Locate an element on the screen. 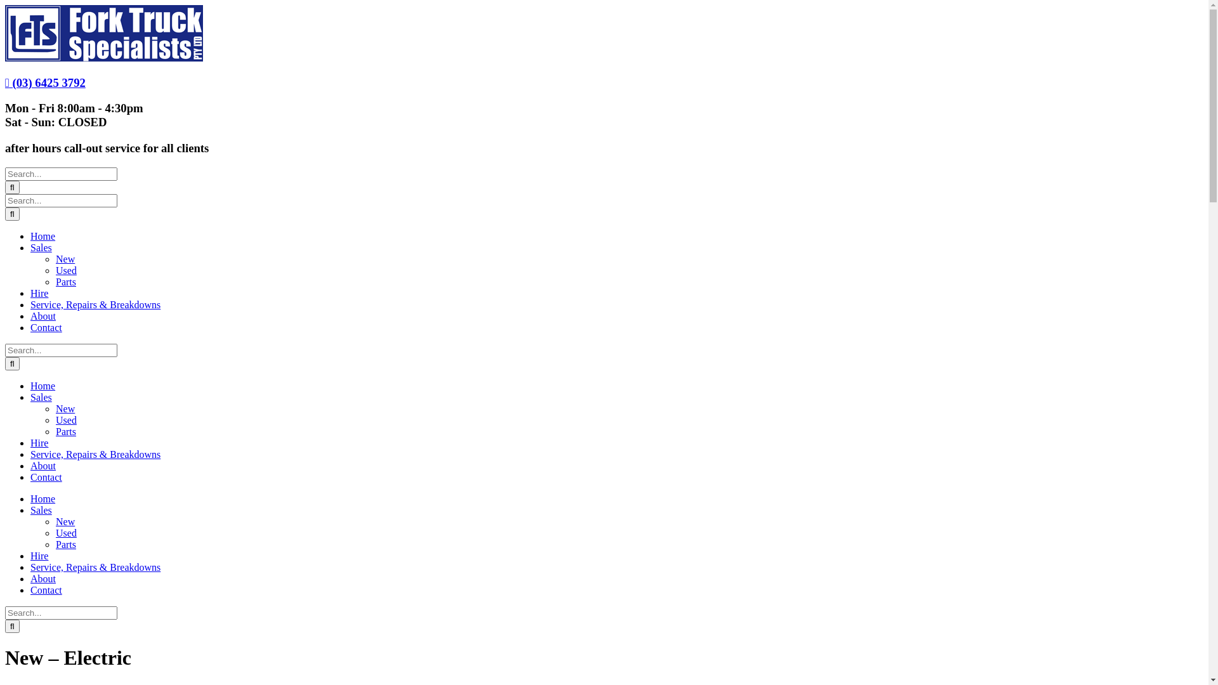 The width and height of the screenshot is (1218, 685). 'Skip to content' is located at coordinates (4, 4).